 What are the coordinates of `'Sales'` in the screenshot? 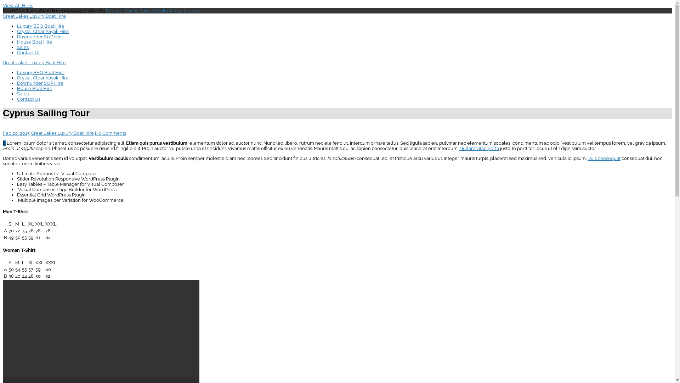 It's located at (23, 47).